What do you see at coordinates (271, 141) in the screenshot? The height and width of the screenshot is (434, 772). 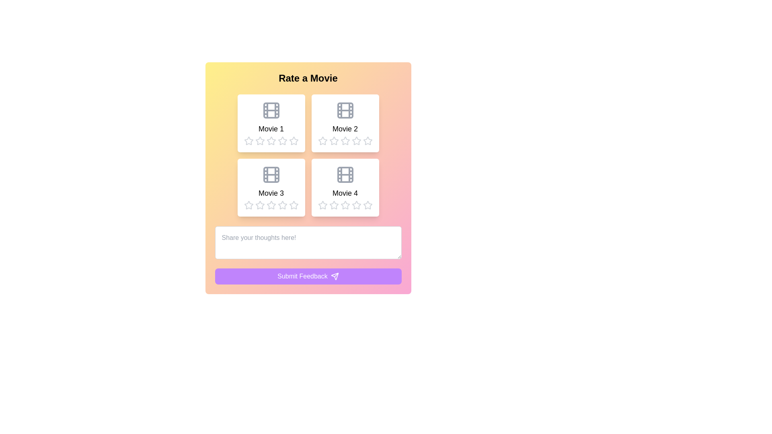 I see `the fourth star icon in the movie rating grid below the 'Movie 1' section` at bounding box center [271, 141].